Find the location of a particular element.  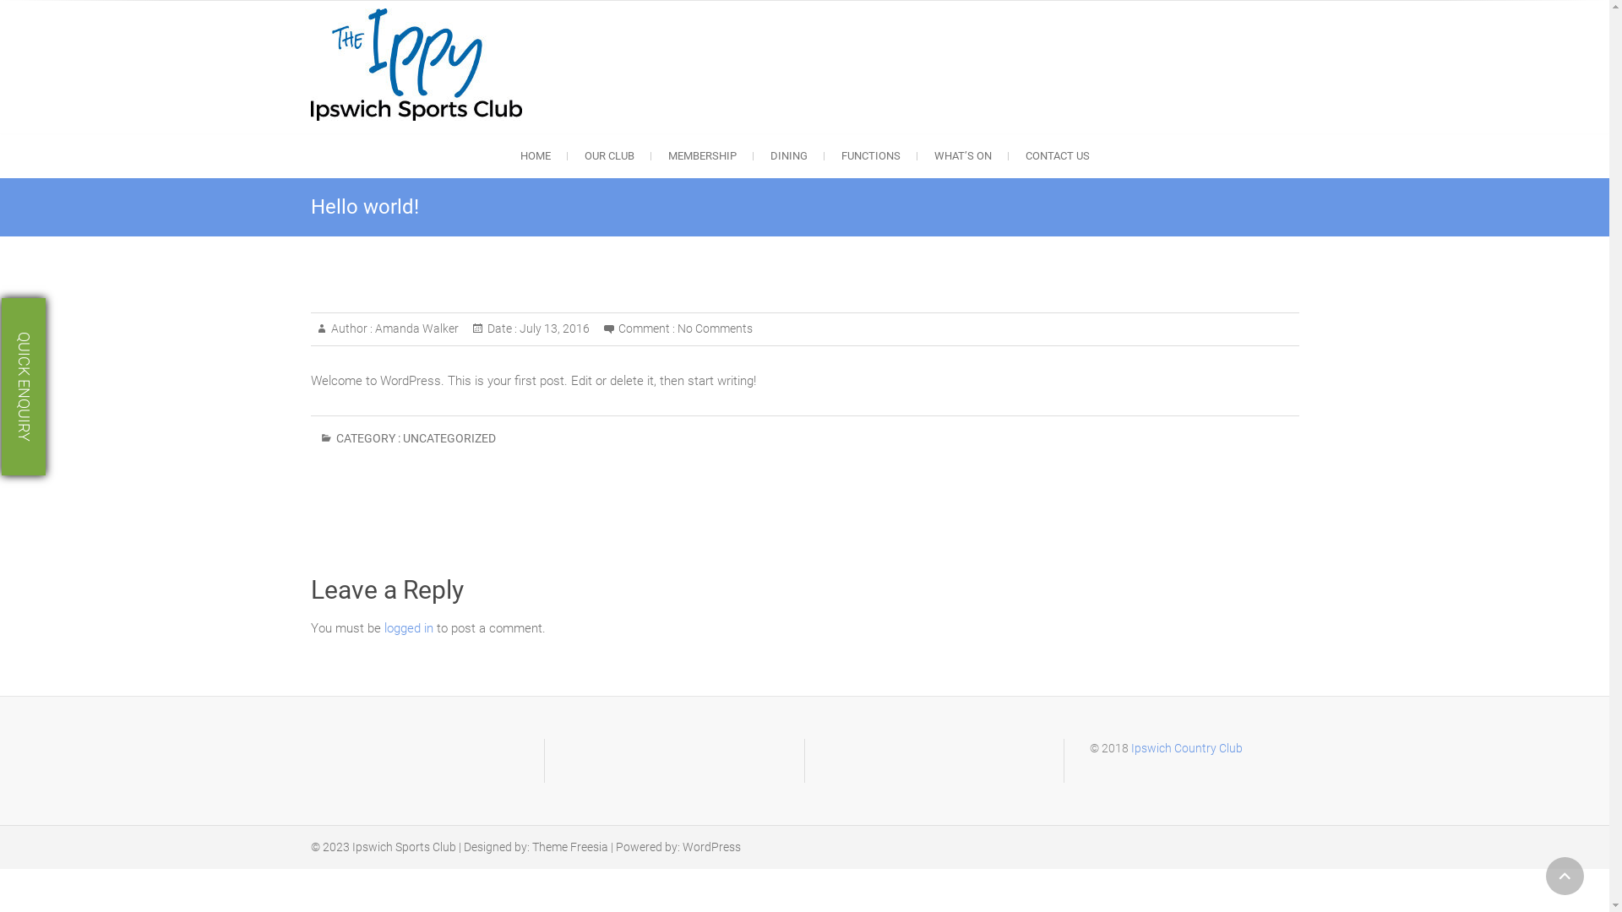

'DINING' is located at coordinates (788, 156).